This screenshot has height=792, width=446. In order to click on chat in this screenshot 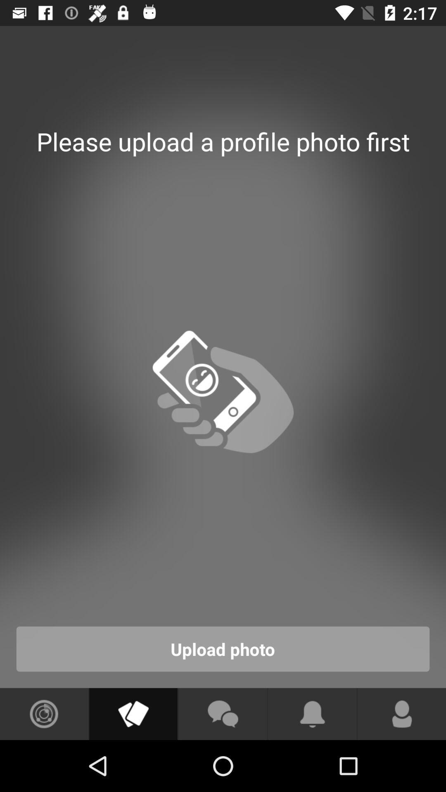, I will do `click(222, 714)`.